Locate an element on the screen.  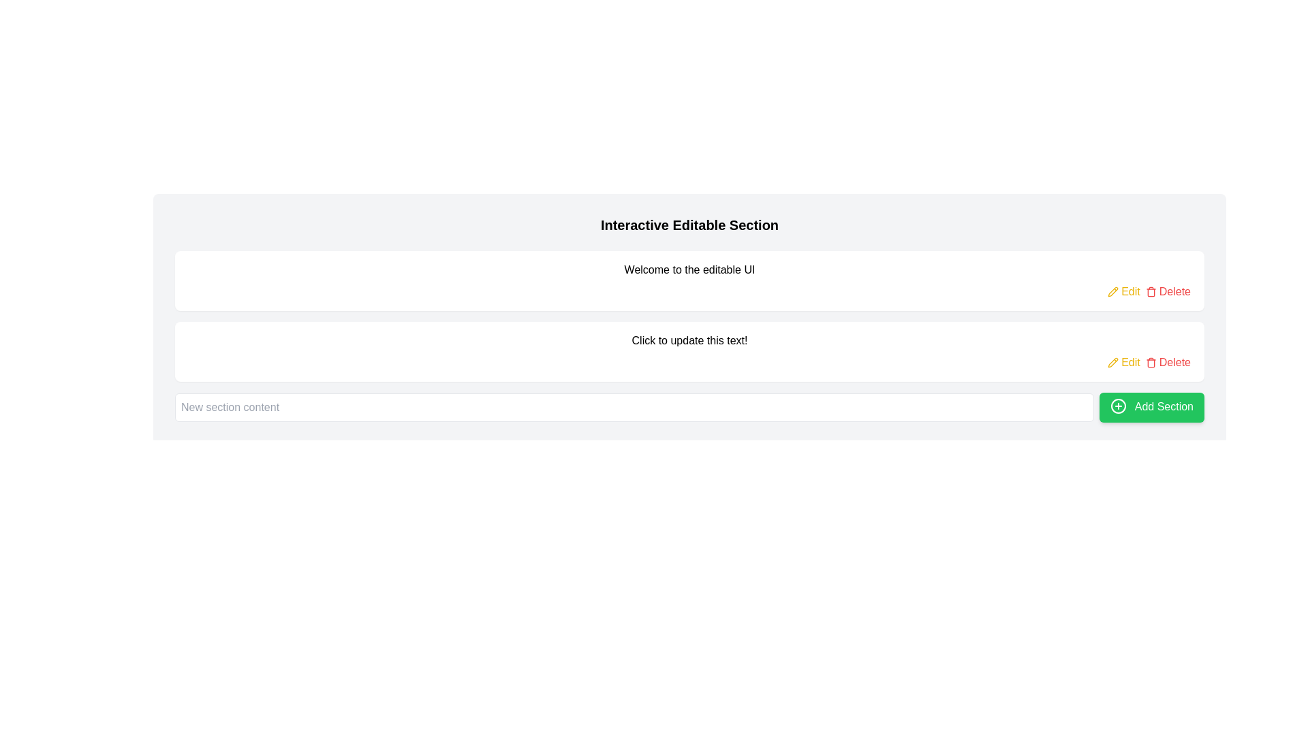
the SVG graphical element inside the 'Add Section' button is located at coordinates (1119, 406).